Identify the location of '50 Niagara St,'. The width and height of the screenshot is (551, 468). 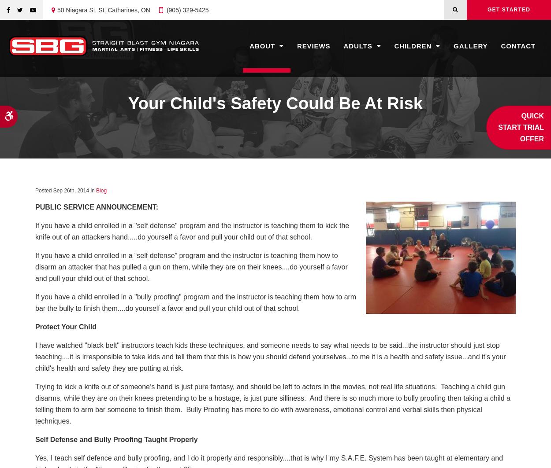
(57, 10).